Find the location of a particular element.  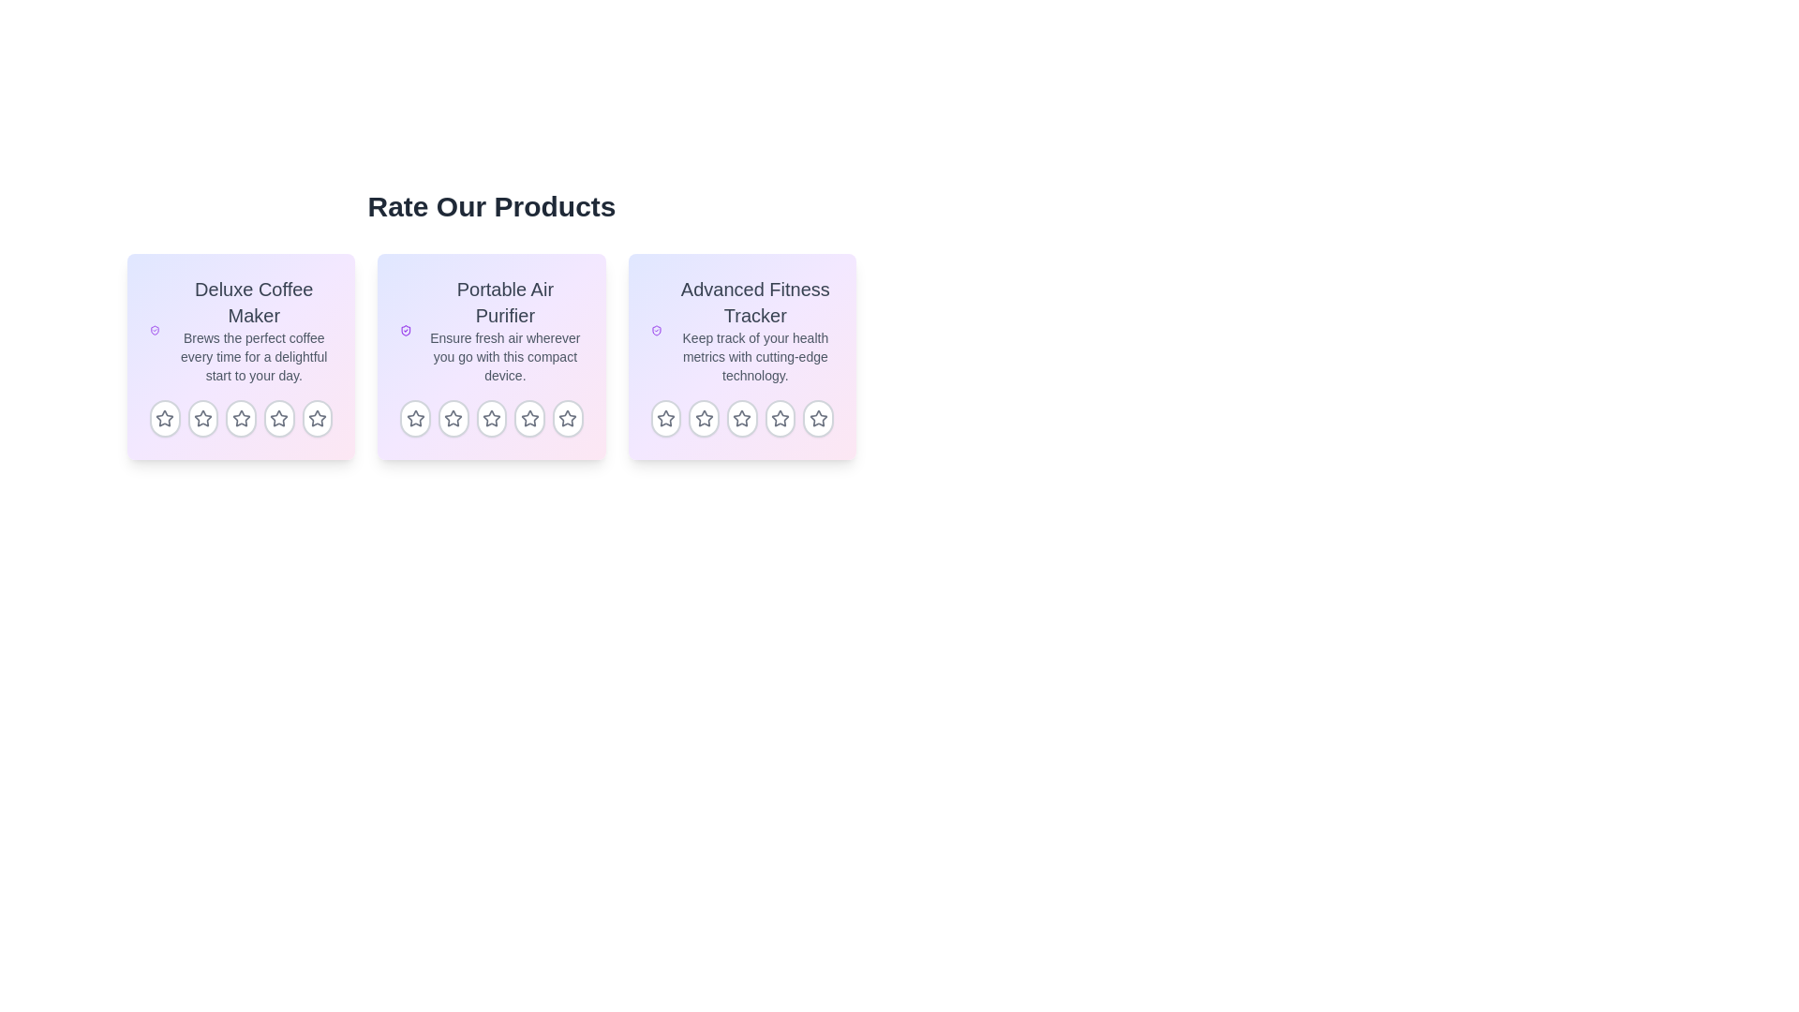

the static text label that provides additional details about the 'Advanced Fitness Tracker' product, located directly below the heading in the third card of a horizontally-aligned set of three cards is located at coordinates (755, 357).